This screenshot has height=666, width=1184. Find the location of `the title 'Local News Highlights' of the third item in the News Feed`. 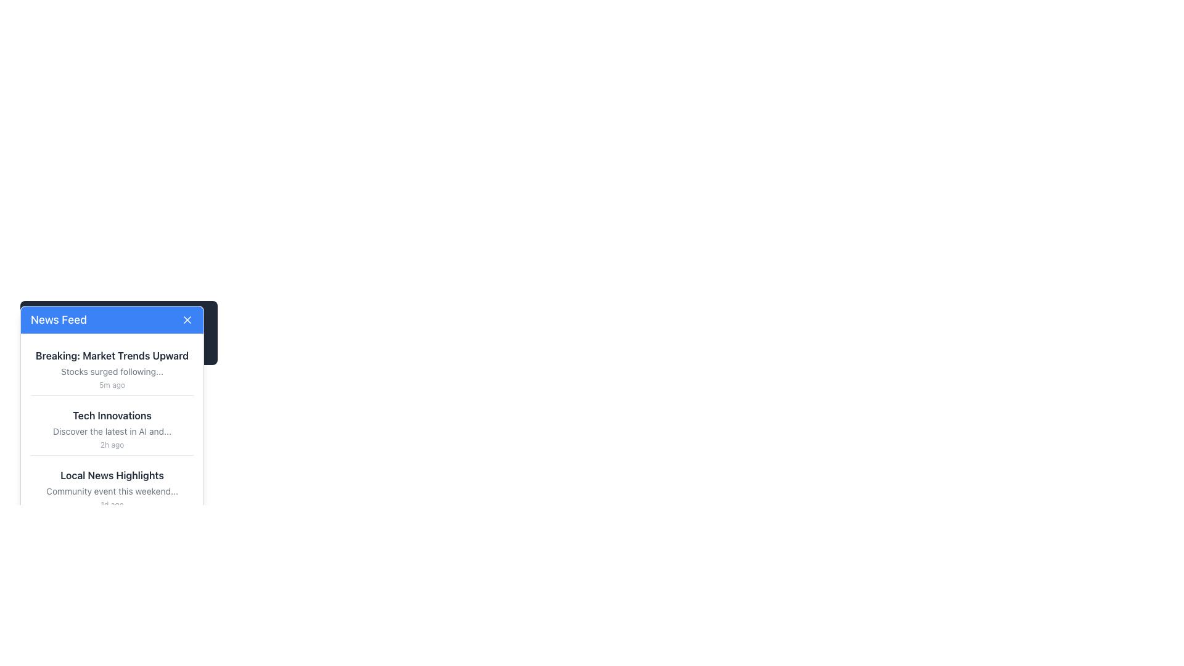

the title 'Local News Highlights' of the third item in the News Feed is located at coordinates (112, 488).